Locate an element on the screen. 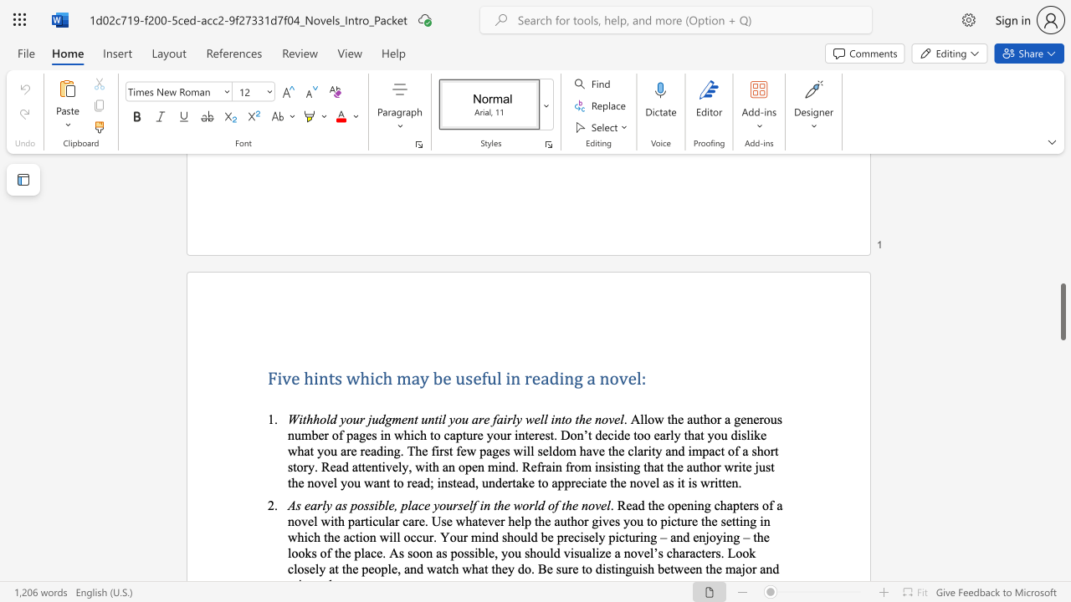  the subset text "f in th" within the text "As early as possible, place yourself in the world of the novel" is located at coordinates (472, 504).